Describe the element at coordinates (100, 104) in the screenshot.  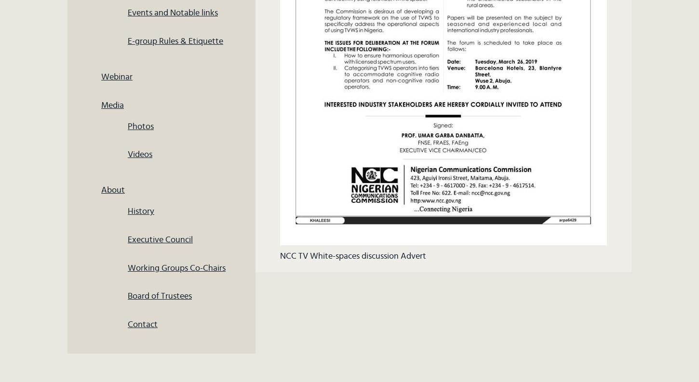
I see `'Media'` at that location.